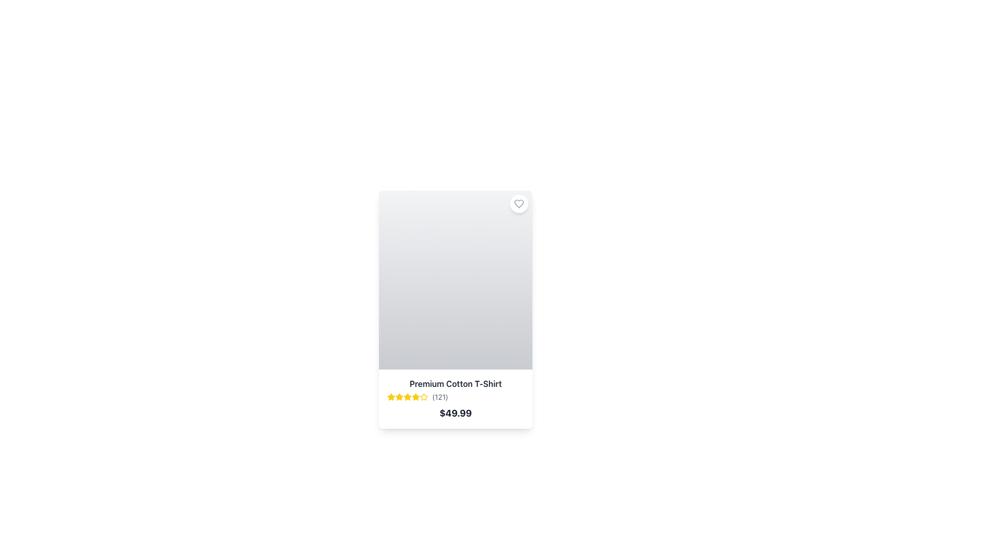 This screenshot has width=982, height=552. Describe the element at coordinates (519, 203) in the screenshot. I see `the heart icon located at the top-right corner of the card layout to like or favorite it` at that location.